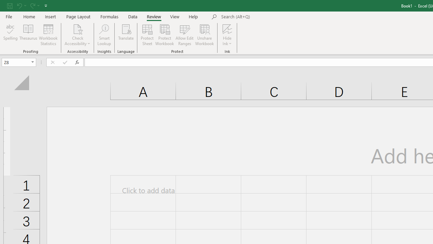 Image resolution: width=433 pixels, height=244 pixels. Describe the element at coordinates (184, 35) in the screenshot. I see `'Allow Edit Ranges'` at that location.